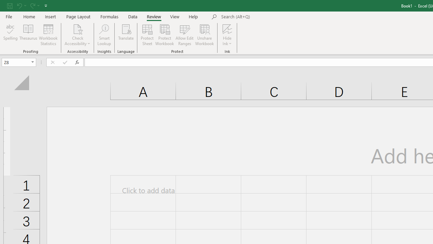 Image resolution: width=433 pixels, height=244 pixels. Describe the element at coordinates (184, 35) in the screenshot. I see `'Allow Edit Ranges'` at that location.